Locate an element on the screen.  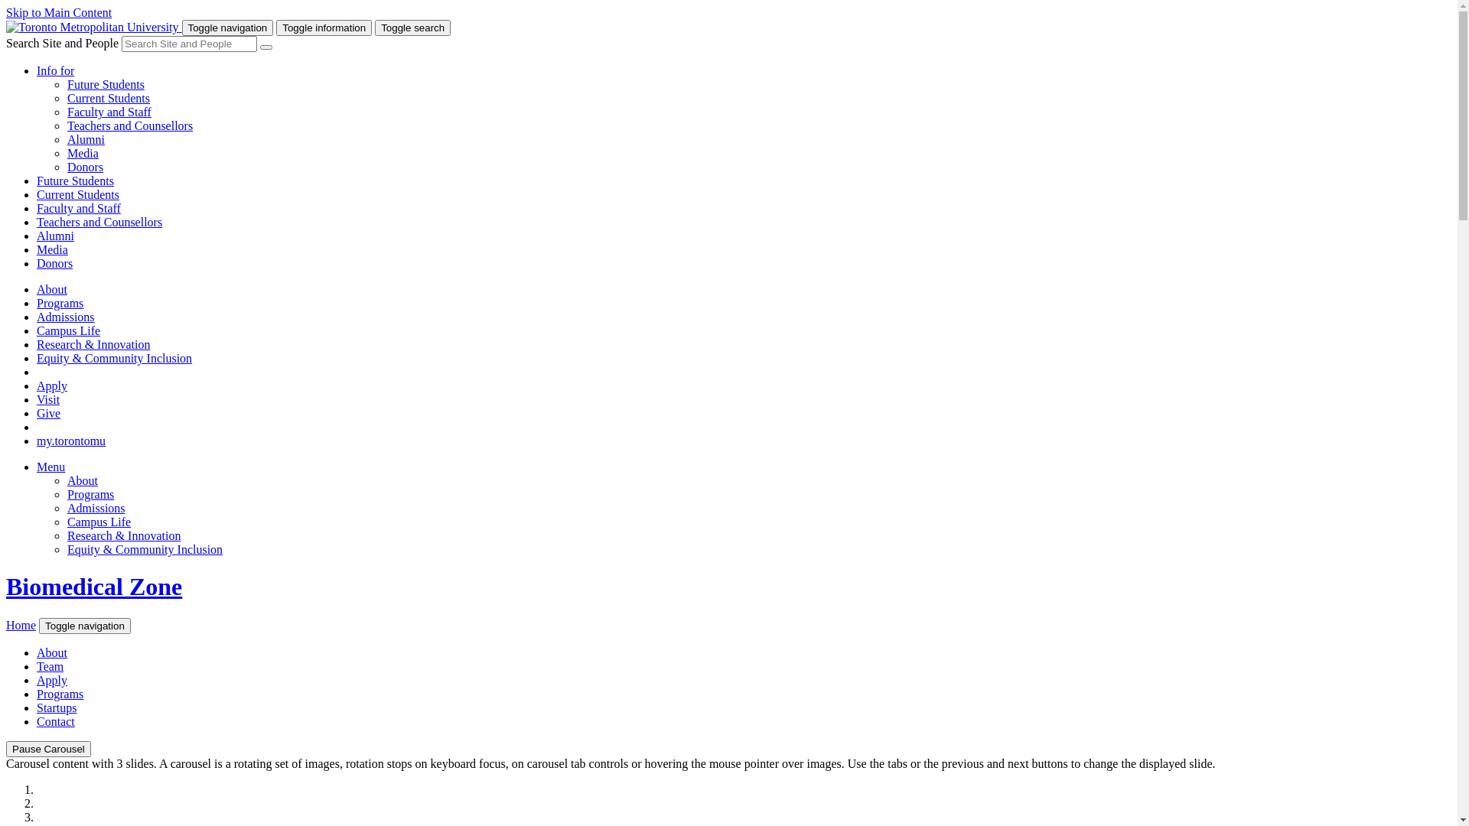
'Toggle search' is located at coordinates (412, 28).